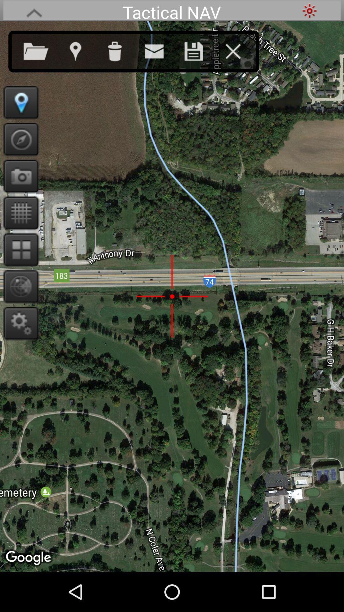  I want to click on the delete icon, so click(121, 54).